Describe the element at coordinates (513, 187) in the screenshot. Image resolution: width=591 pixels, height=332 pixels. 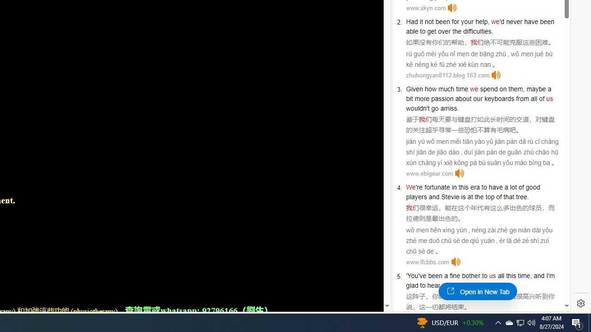
I see `'lot'` at that location.